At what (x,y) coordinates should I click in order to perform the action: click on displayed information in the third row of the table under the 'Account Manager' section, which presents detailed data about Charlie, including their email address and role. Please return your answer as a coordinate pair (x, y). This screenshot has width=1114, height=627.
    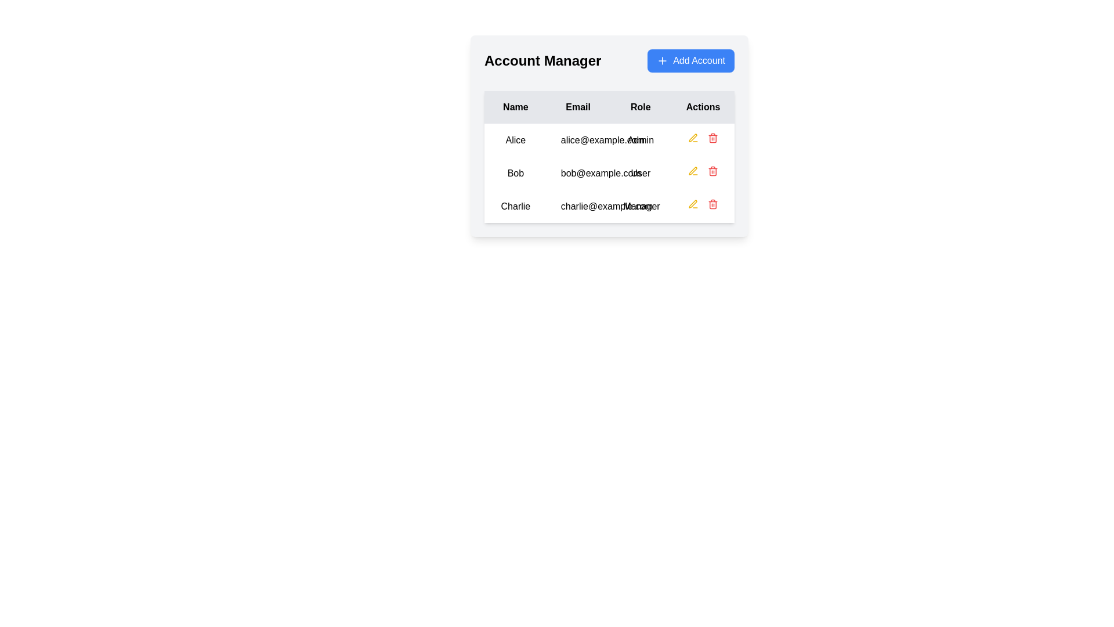
    Looking at the image, I should click on (609, 206).